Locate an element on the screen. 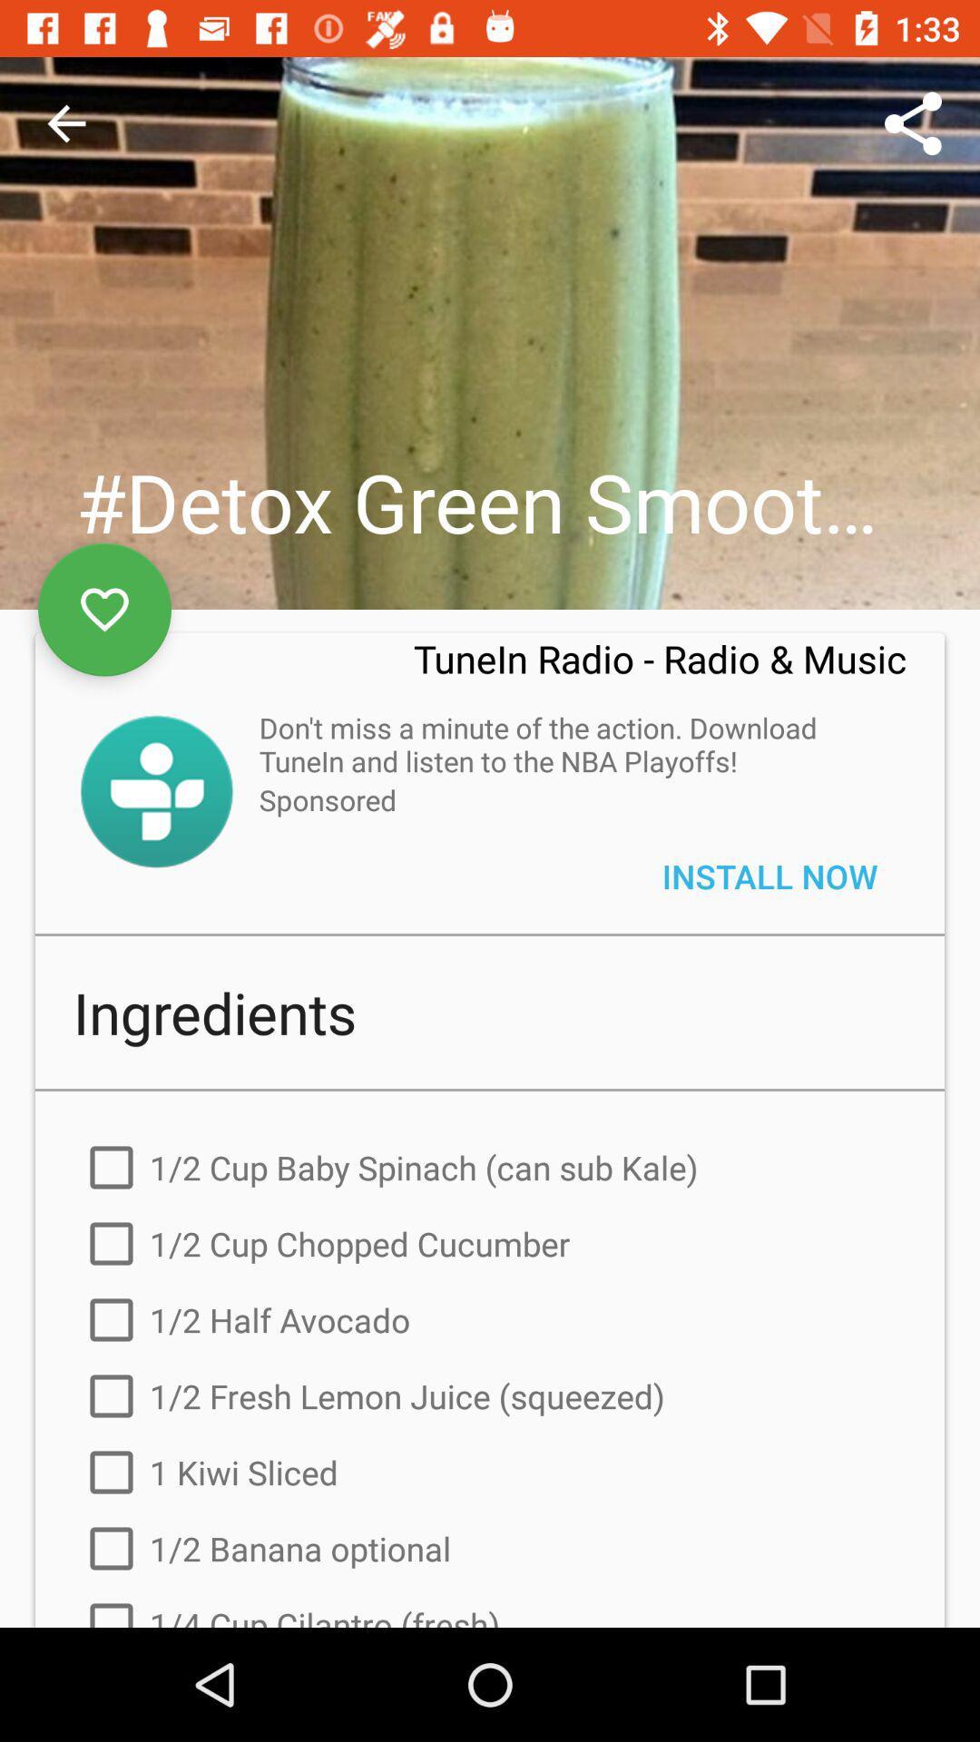 The width and height of the screenshot is (980, 1742). item to the left of the don t miss item is located at coordinates (155, 791).